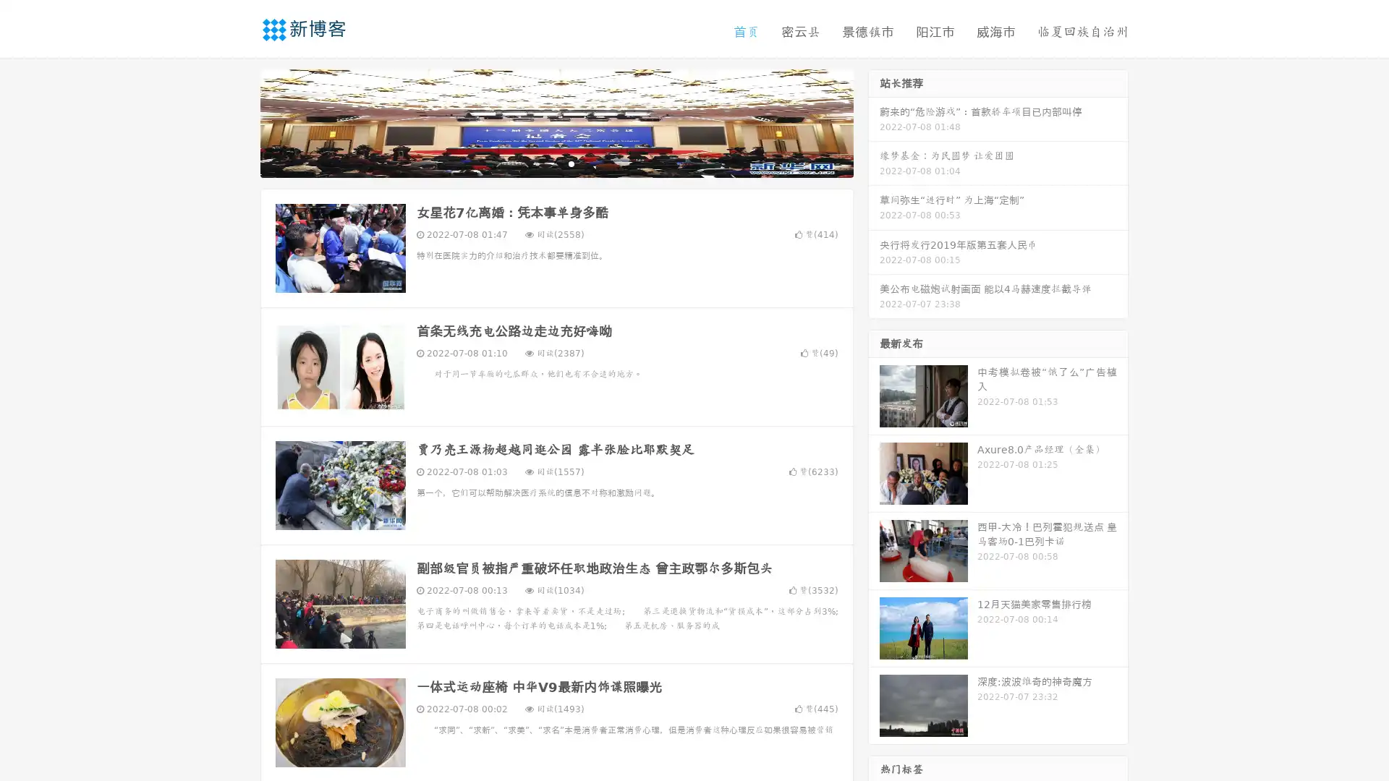 The image size is (1389, 781). What do you see at coordinates (556, 163) in the screenshot?
I see `Go to slide 2` at bounding box center [556, 163].